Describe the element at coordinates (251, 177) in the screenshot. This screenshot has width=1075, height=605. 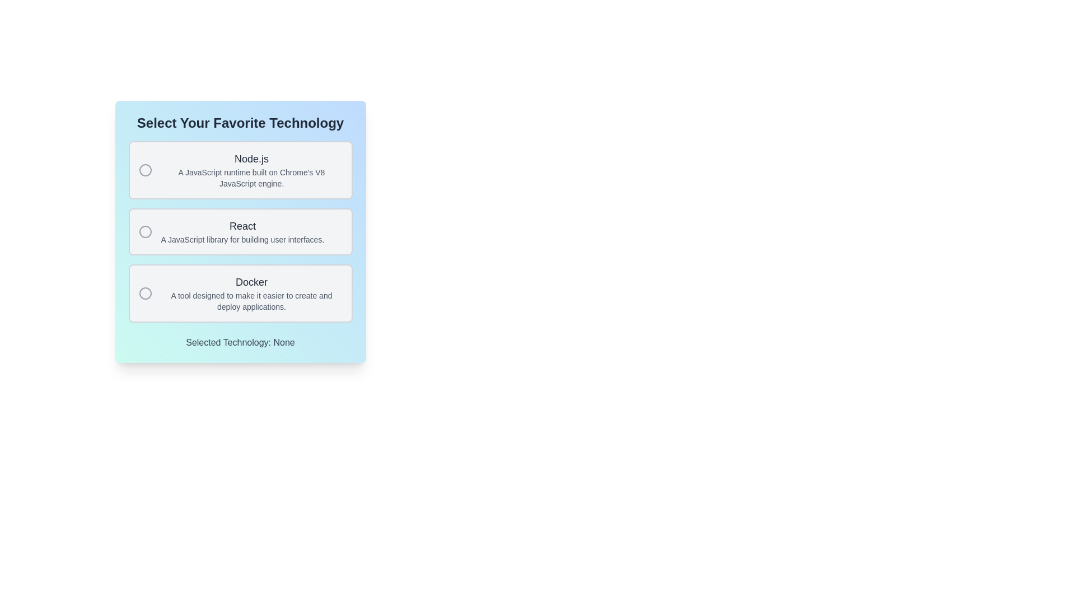
I see `descriptive text label for the 'Node.js' option located under the title 'Node.js' in the top section of the interface` at that location.